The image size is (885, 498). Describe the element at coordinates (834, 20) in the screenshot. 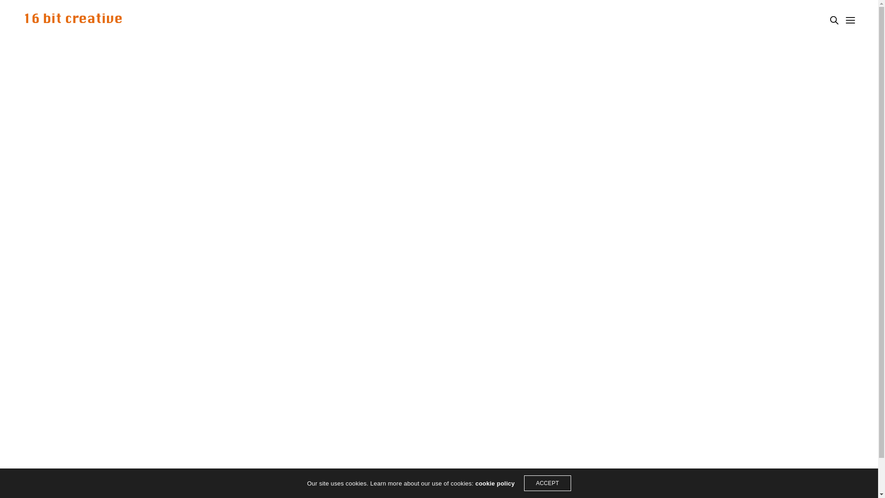

I see `'Search'` at that location.